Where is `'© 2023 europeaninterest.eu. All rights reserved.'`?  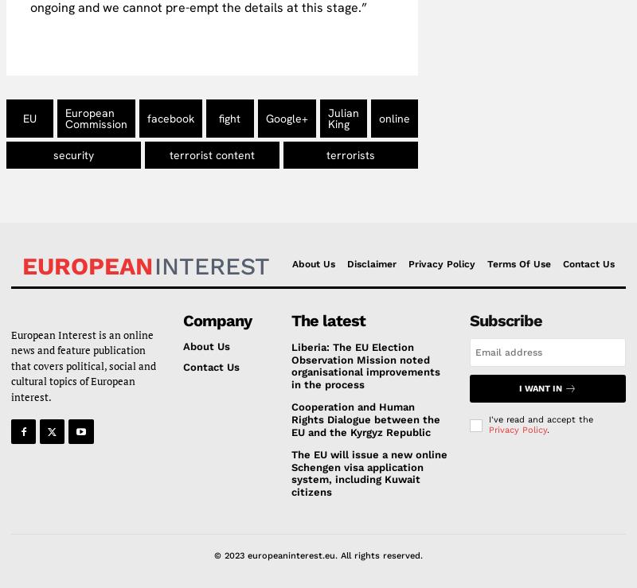 '© 2023 europeaninterest.eu. All rights reserved.' is located at coordinates (318, 554).